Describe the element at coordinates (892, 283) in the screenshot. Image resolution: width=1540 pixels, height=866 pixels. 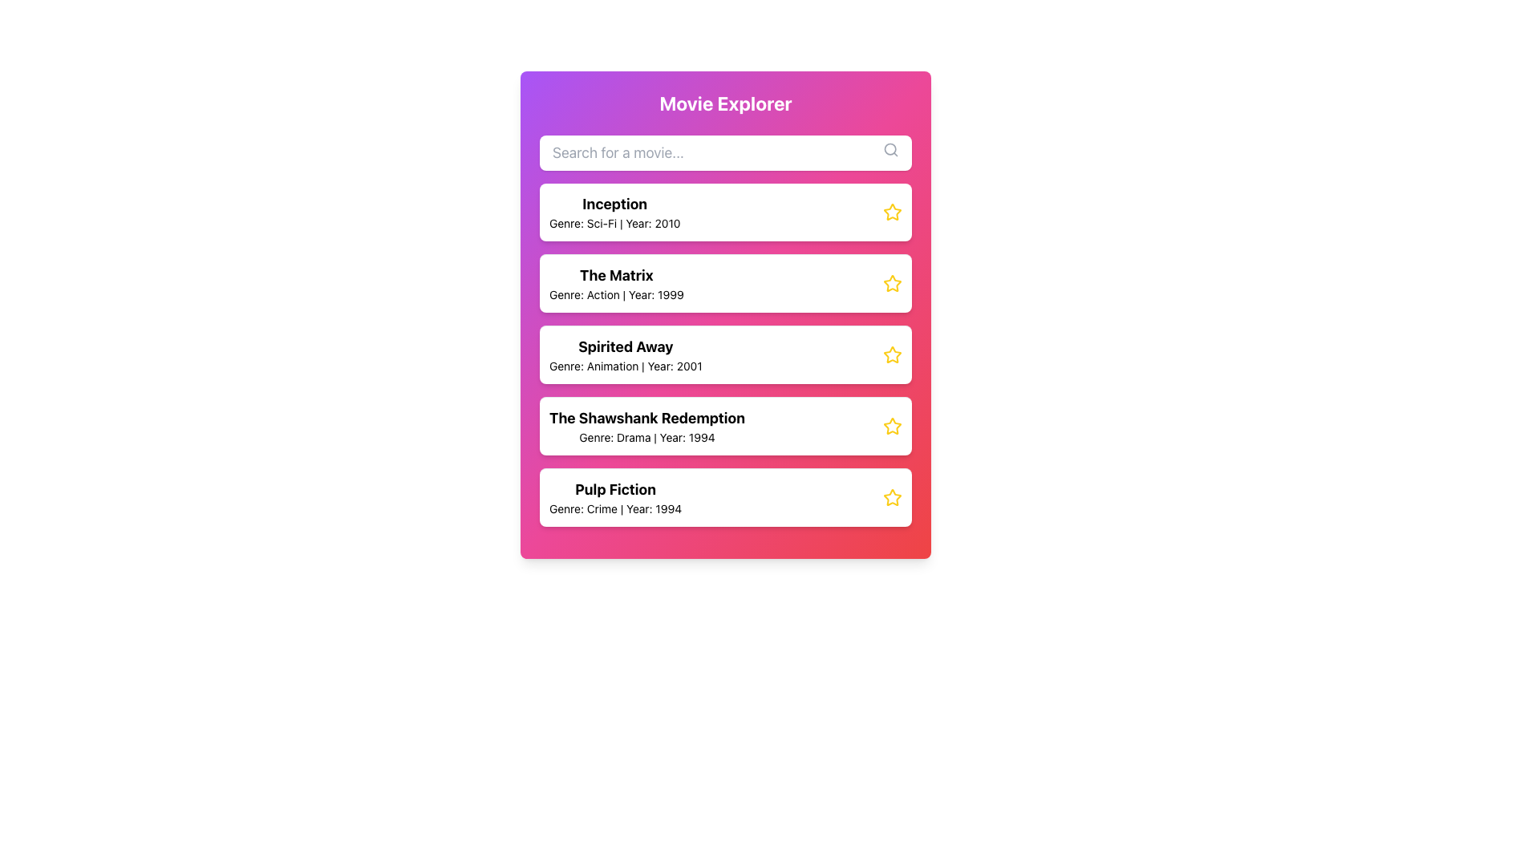
I see `the star icon located at the right end of the list item labeled 'The Matrix'` at that location.